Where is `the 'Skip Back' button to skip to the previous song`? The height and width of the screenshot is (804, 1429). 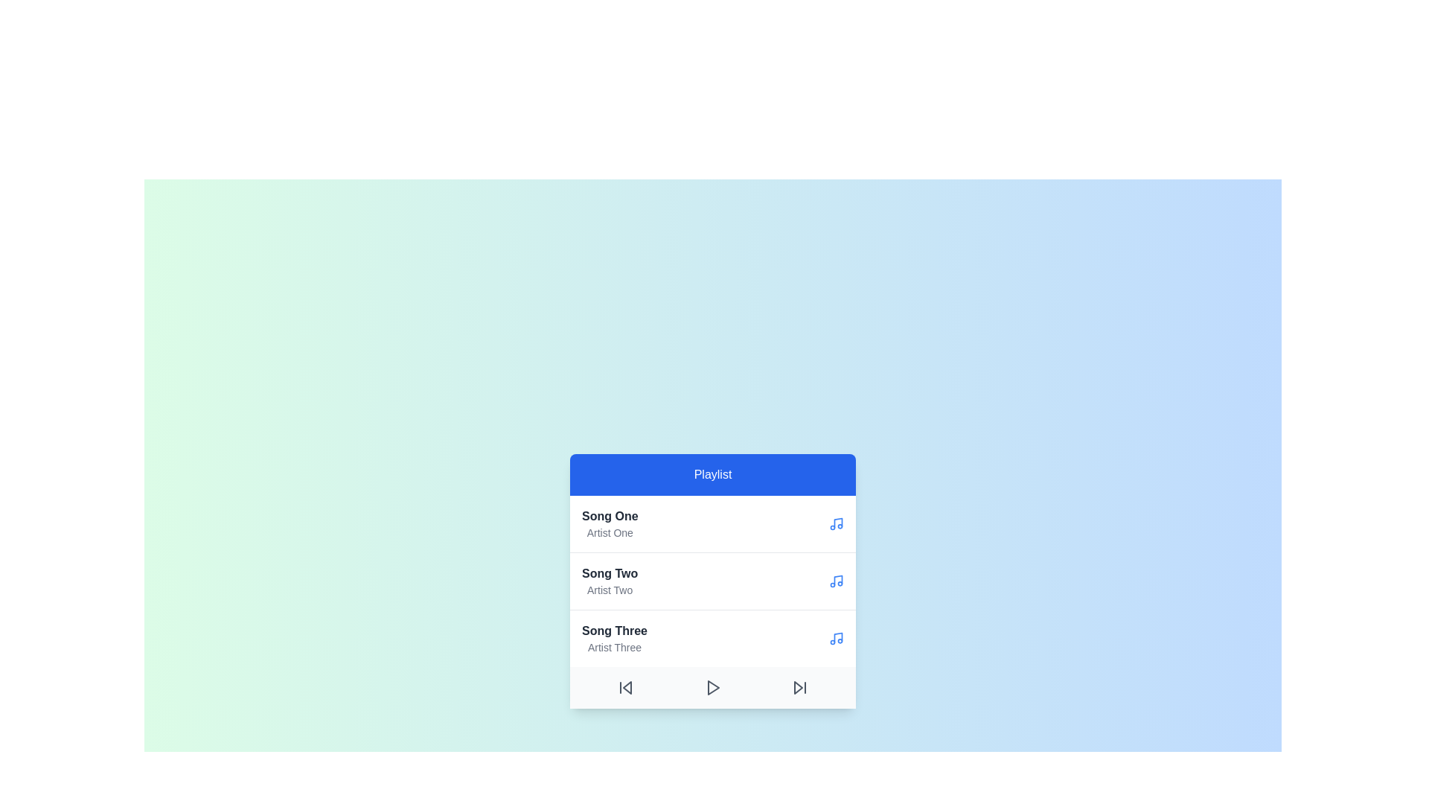
the 'Skip Back' button to skip to the previous song is located at coordinates (625, 688).